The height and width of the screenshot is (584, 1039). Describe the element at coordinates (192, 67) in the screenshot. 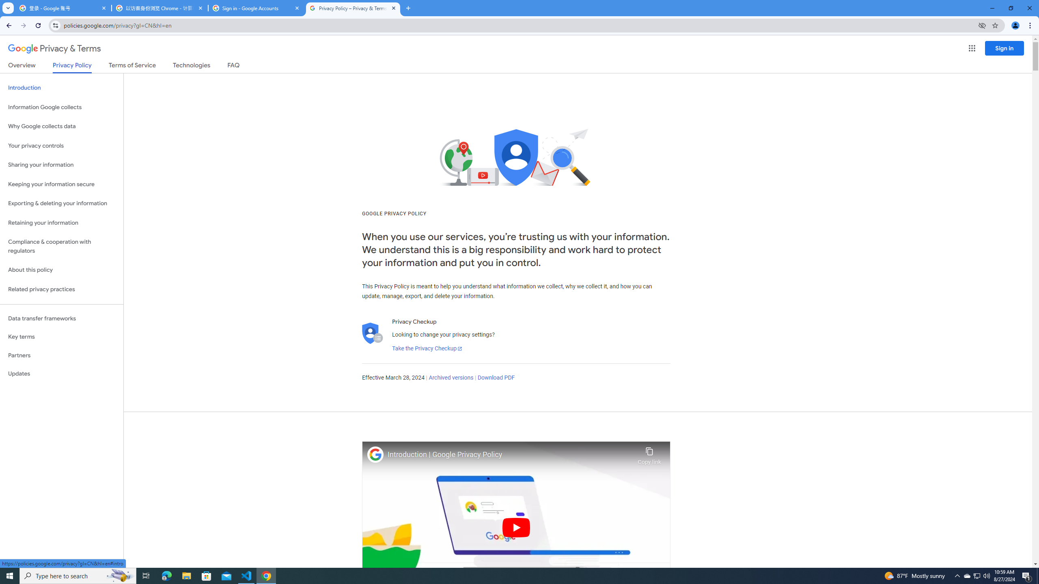

I see `'Technologies'` at that location.